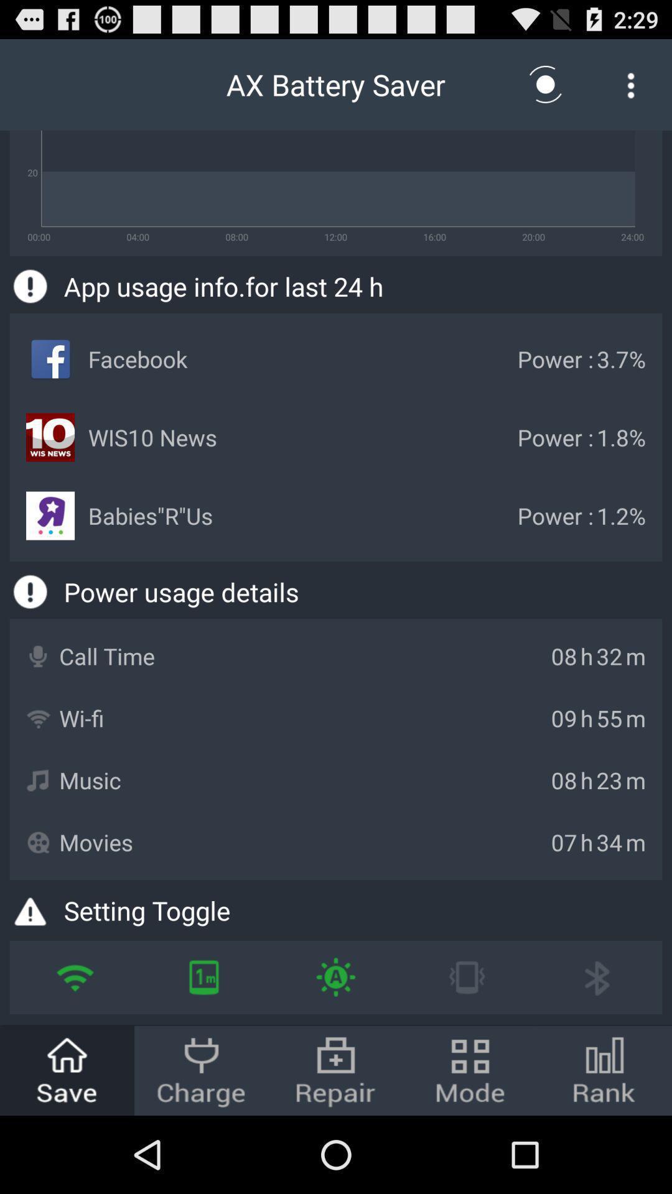 The image size is (672, 1194). Describe the element at coordinates (545, 84) in the screenshot. I see `the icon to the right of ax battery saver app` at that location.